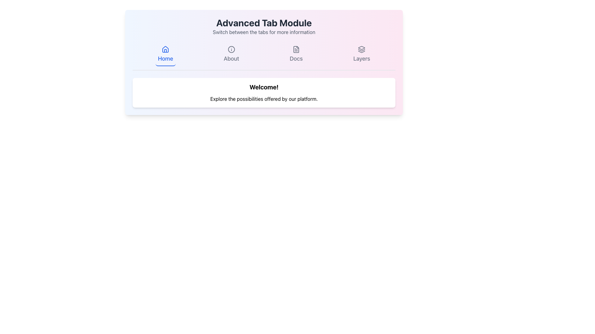  Describe the element at coordinates (231, 58) in the screenshot. I see `the 'About' text label in the navigation bar` at that location.